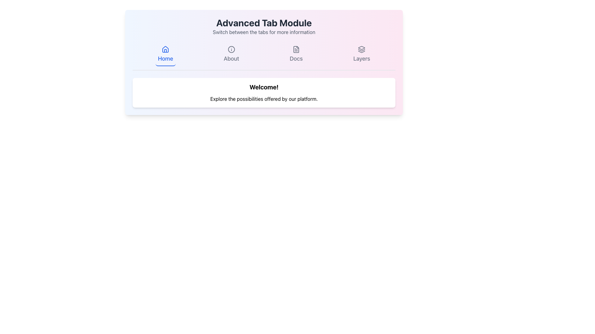  Describe the element at coordinates (231, 58) in the screenshot. I see `the 'About' text label in the navigation bar` at that location.